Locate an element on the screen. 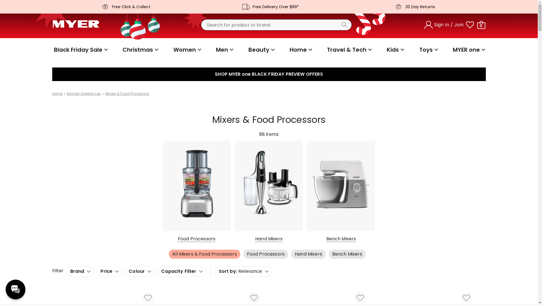 The image size is (542, 305). 'Capacity Filter' is located at coordinates (182, 271).